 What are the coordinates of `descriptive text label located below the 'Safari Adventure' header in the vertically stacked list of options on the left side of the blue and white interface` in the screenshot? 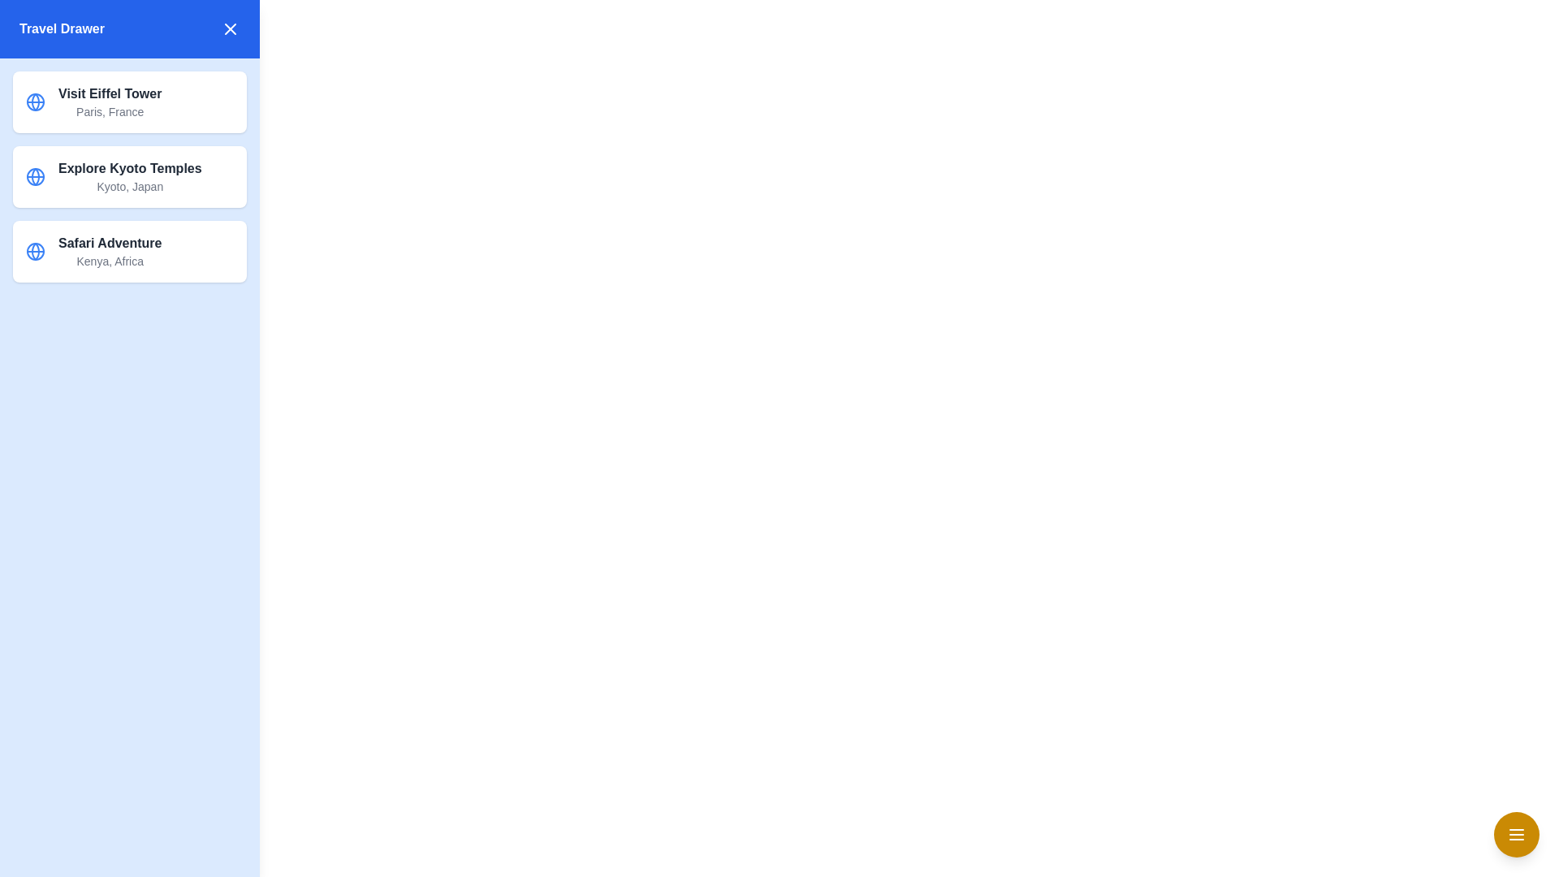 It's located at (109, 260).